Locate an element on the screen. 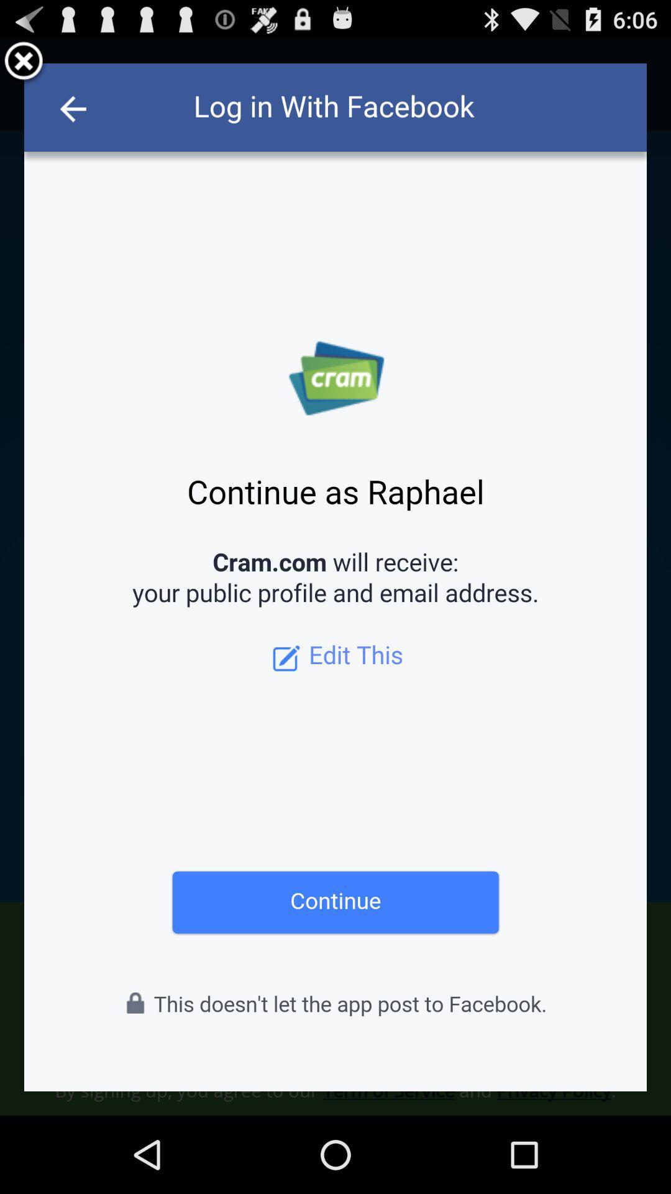 This screenshot has width=671, height=1194. close option is located at coordinates (24, 62).